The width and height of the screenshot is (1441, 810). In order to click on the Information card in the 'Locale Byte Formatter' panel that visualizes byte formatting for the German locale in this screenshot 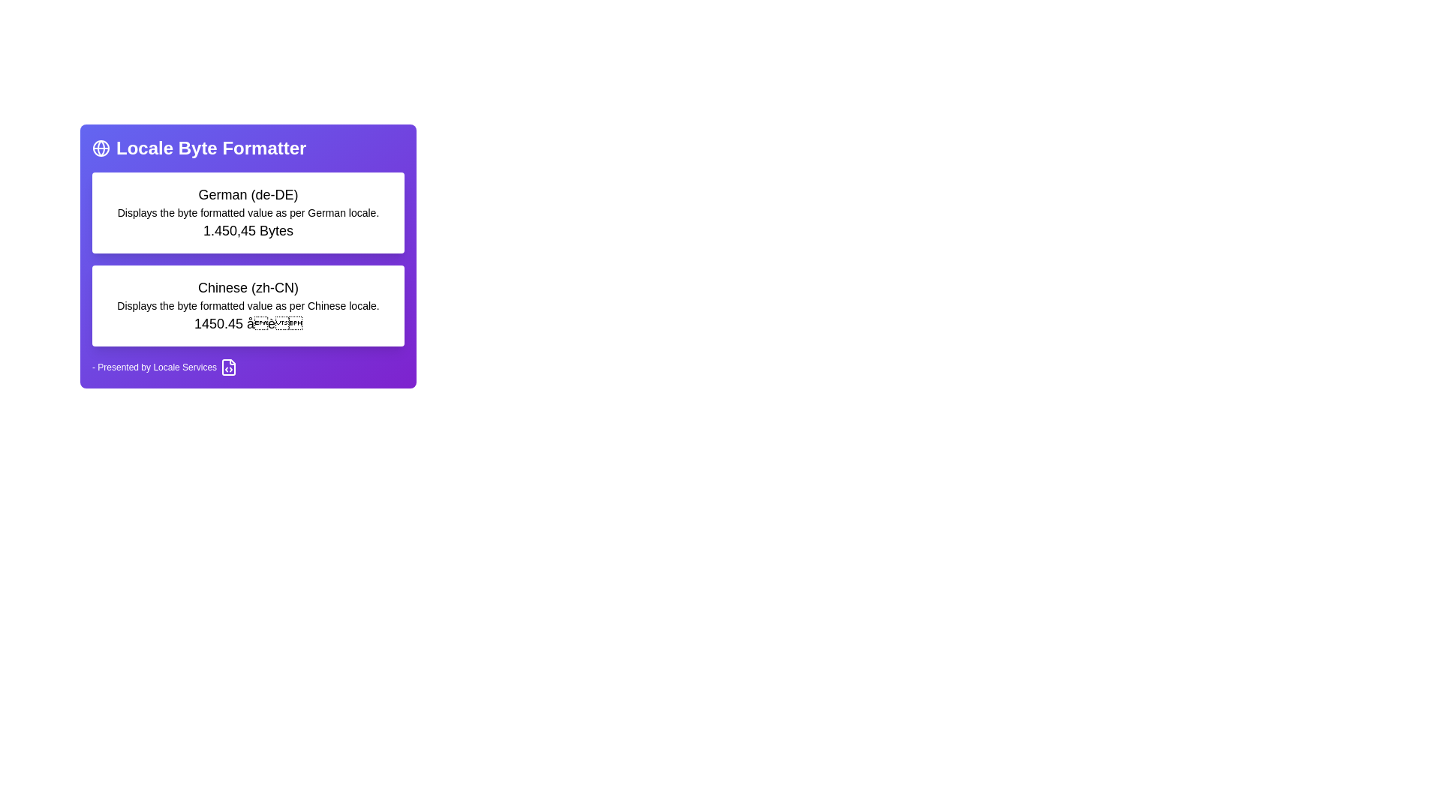, I will do `click(248, 213)`.